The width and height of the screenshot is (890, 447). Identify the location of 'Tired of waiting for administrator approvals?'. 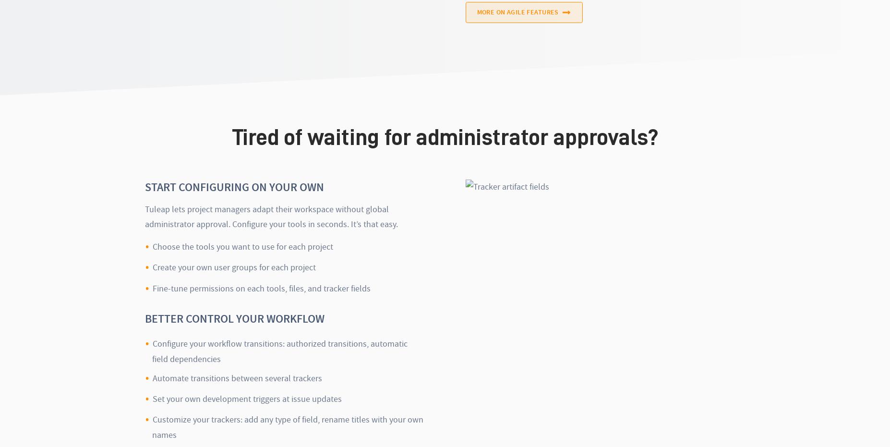
(445, 137).